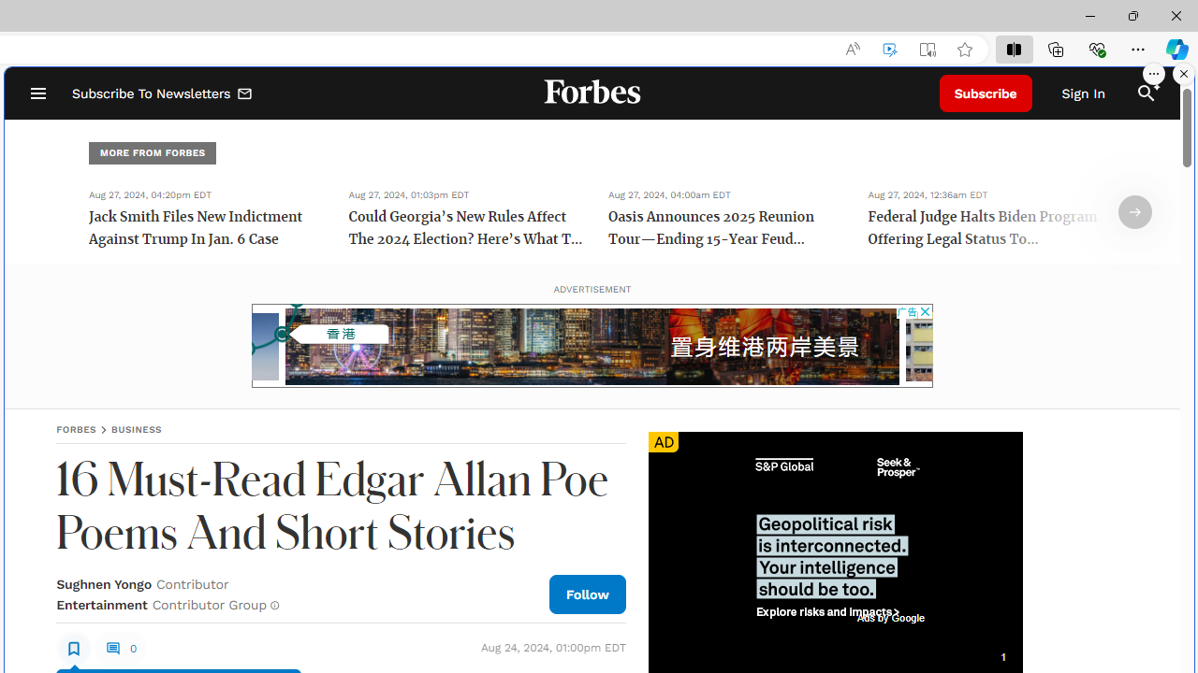  Describe the element at coordinates (1153, 73) in the screenshot. I see `'More options.'` at that location.